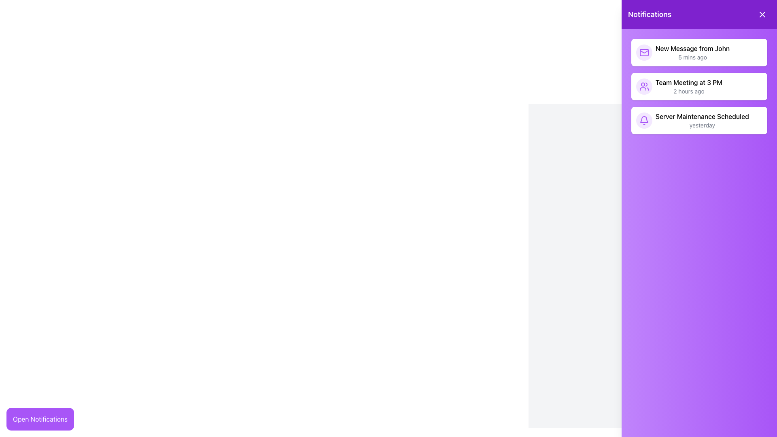 This screenshot has width=777, height=437. Describe the element at coordinates (679, 86) in the screenshot. I see `the notification item displaying 'Team Meeting at 3 PM' to interact and view details` at that location.